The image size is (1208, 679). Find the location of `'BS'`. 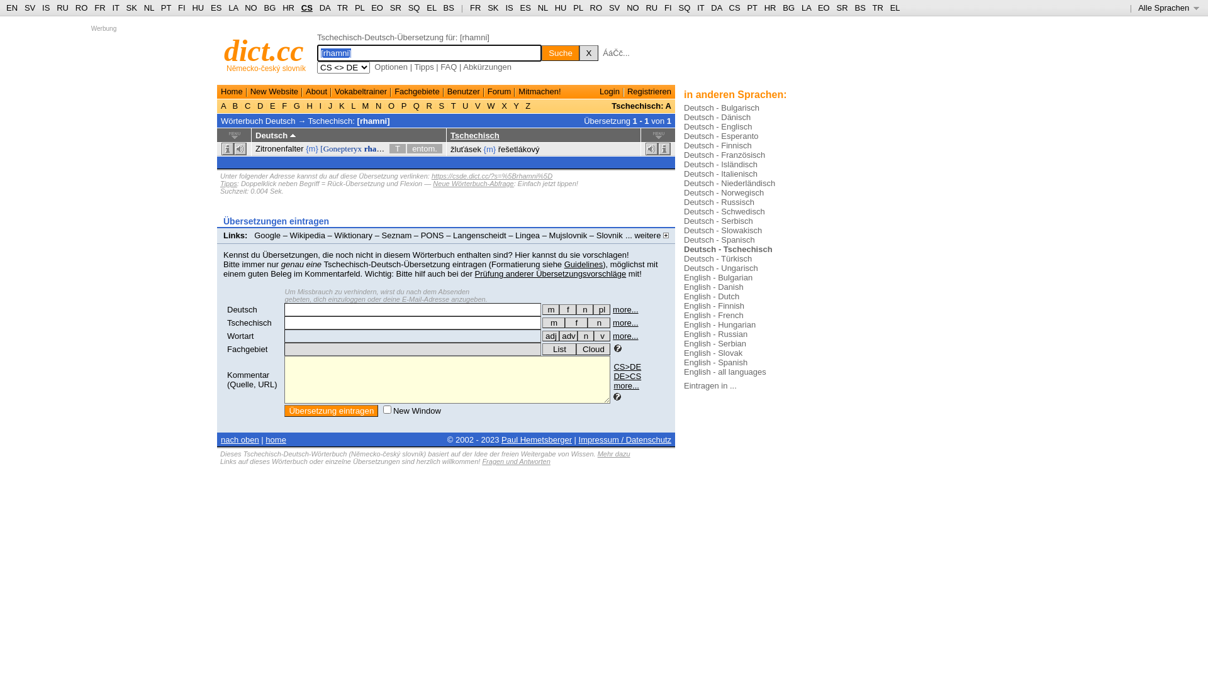

'BS' is located at coordinates (449, 8).